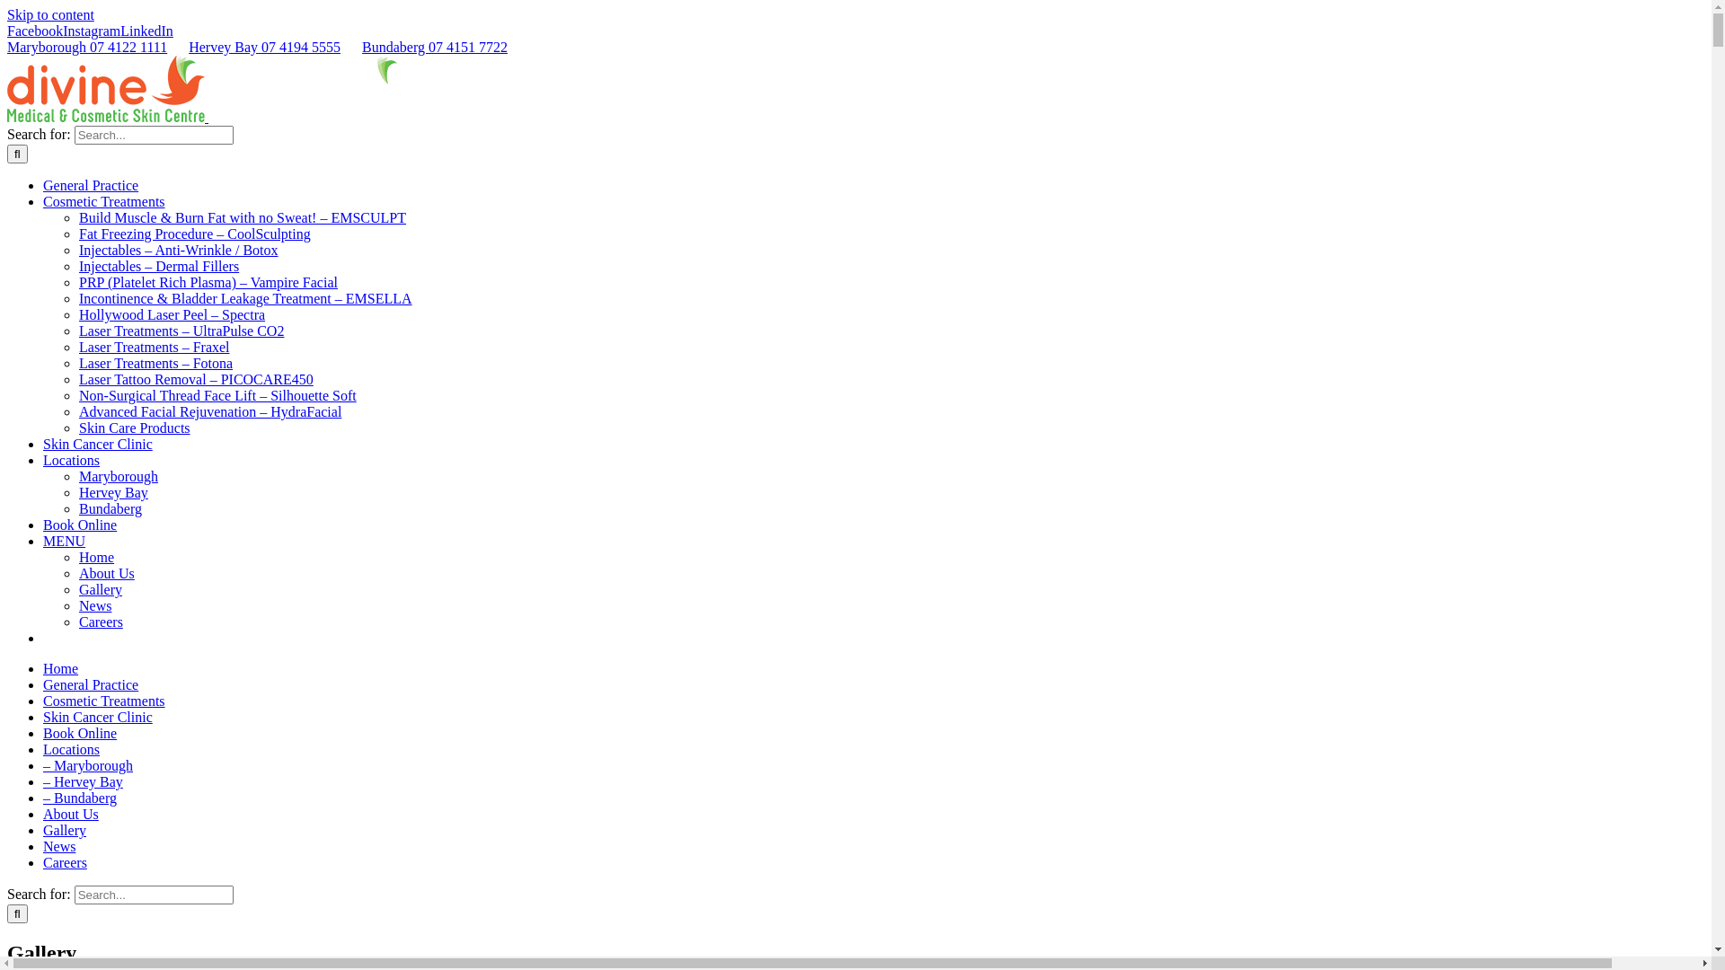 This screenshot has height=970, width=1725. What do you see at coordinates (435, 46) in the screenshot?
I see `'Bundaberg 07 4151 7722'` at bounding box center [435, 46].